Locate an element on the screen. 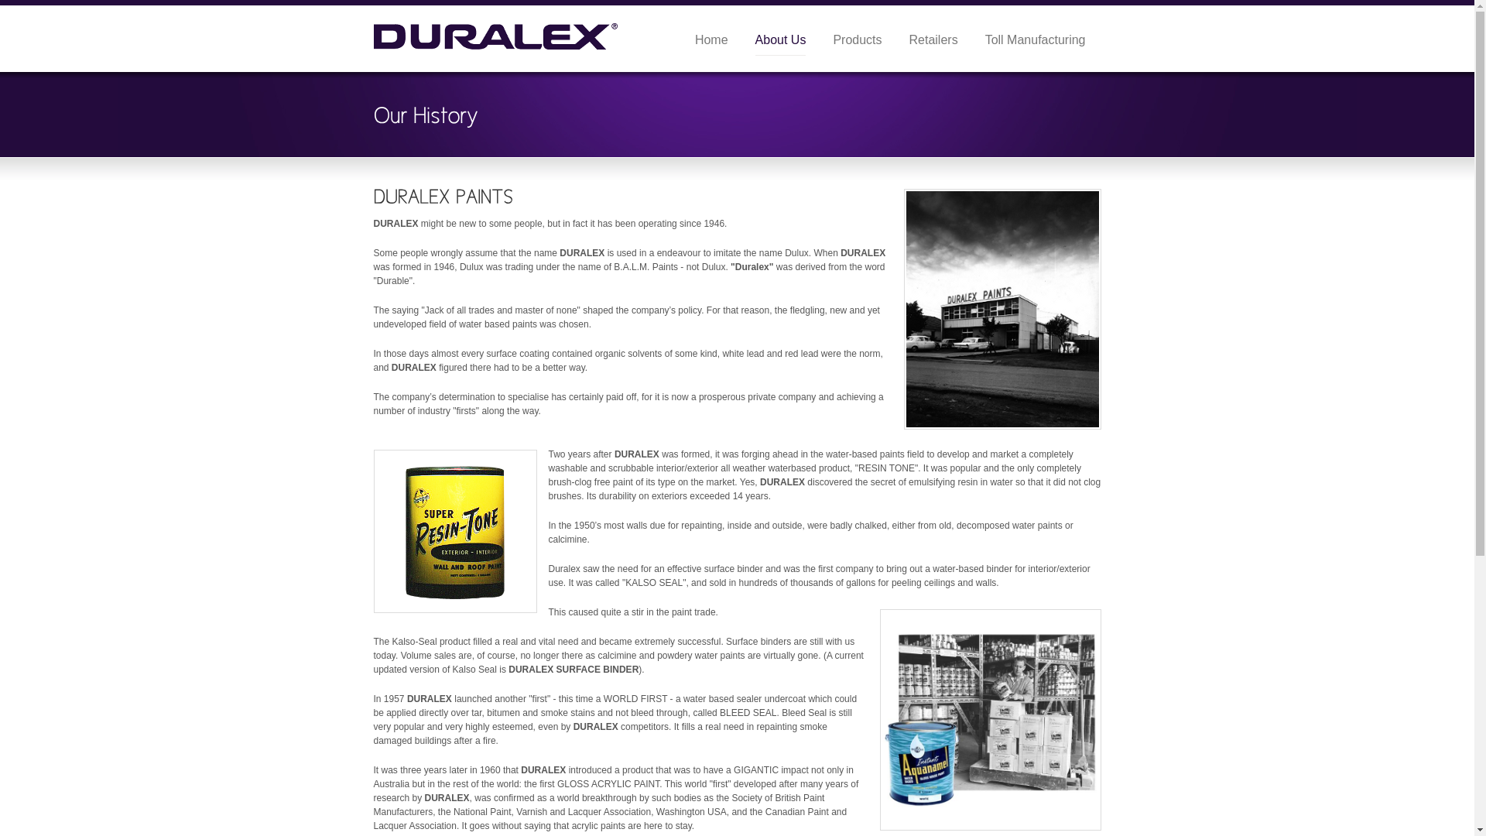 Image resolution: width=1486 pixels, height=836 pixels. 'Toll Manufacturing' is located at coordinates (1036, 39).